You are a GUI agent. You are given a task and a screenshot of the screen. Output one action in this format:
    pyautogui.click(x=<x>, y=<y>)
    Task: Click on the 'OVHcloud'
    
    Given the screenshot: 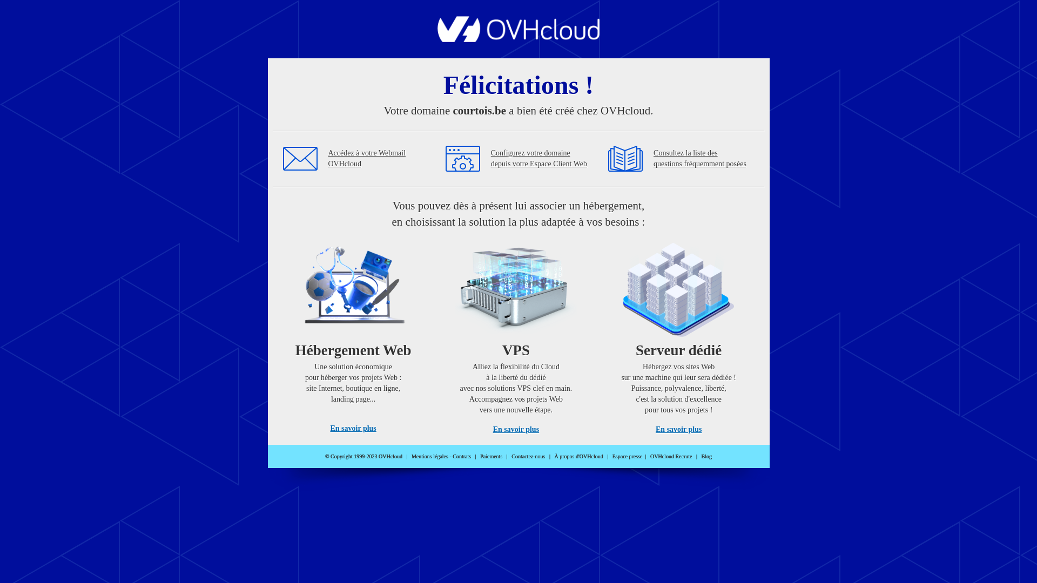 What is the action you would take?
    pyautogui.click(x=518, y=38)
    